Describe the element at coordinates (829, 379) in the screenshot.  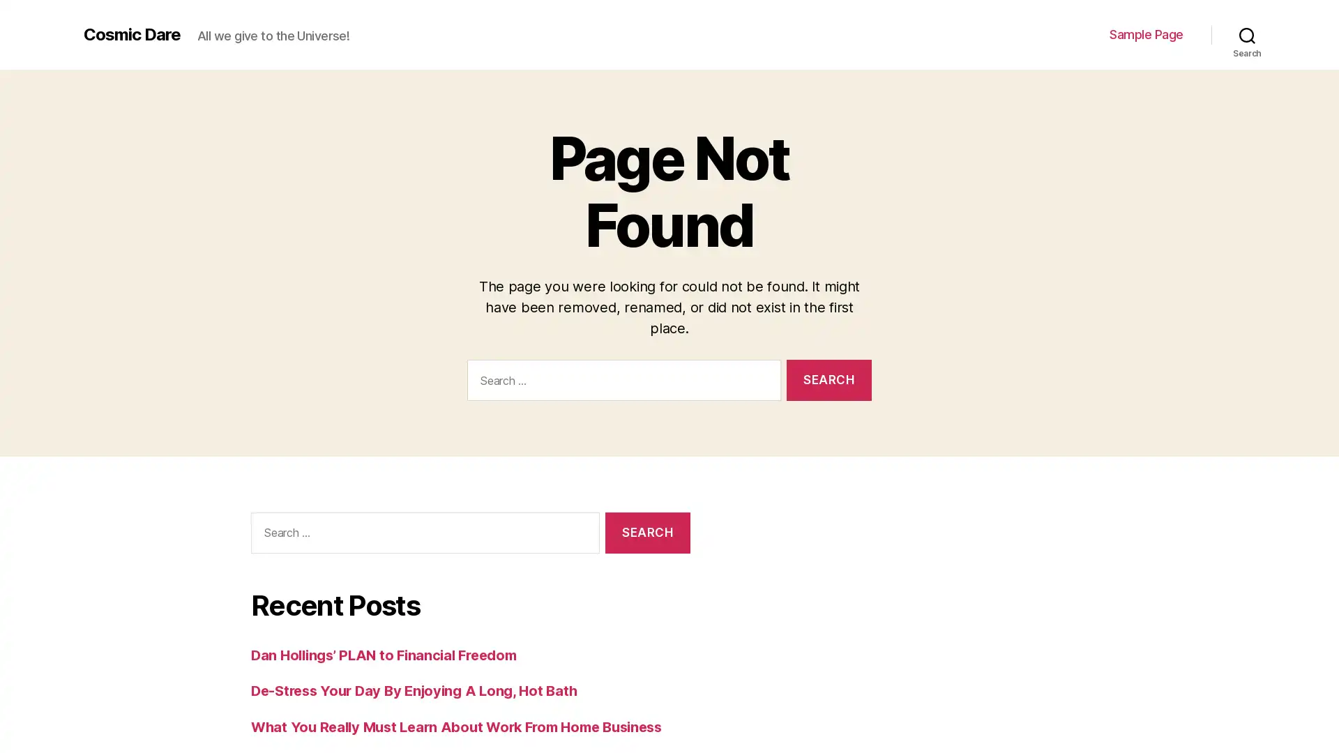
I see `Search` at that location.